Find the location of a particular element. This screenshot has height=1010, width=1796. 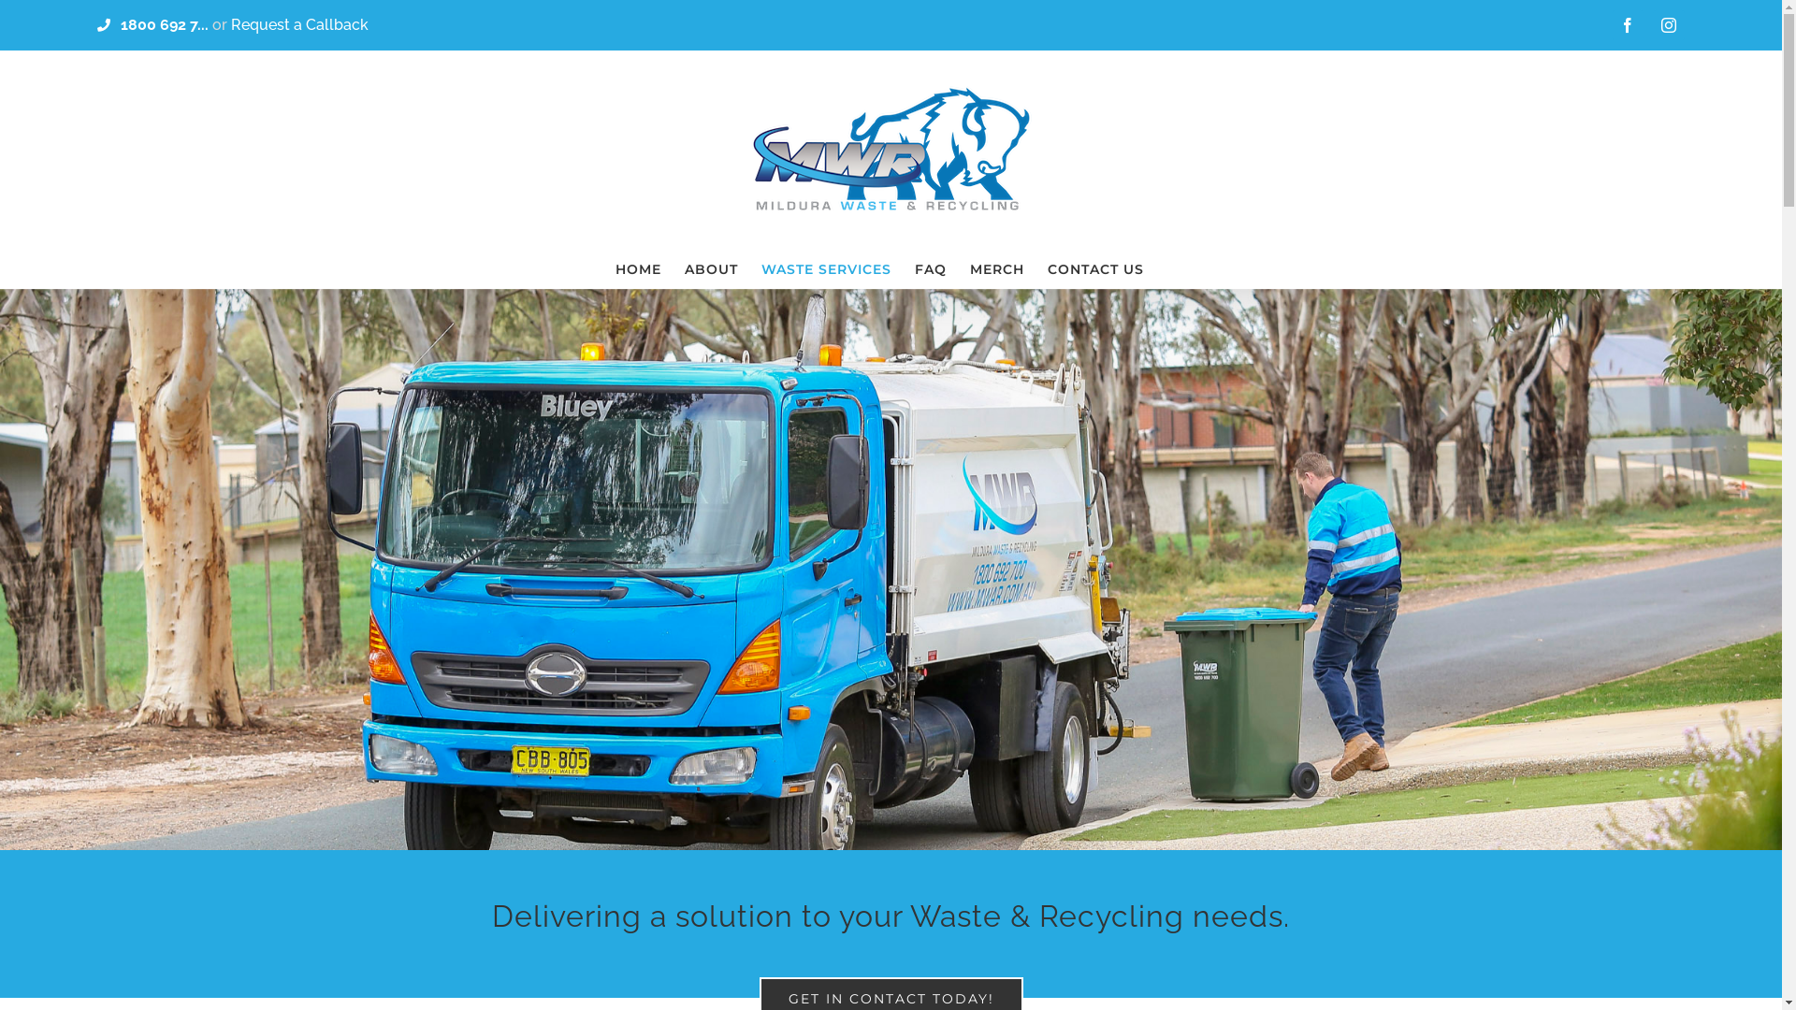

'ABOUT' is located at coordinates (710, 269).